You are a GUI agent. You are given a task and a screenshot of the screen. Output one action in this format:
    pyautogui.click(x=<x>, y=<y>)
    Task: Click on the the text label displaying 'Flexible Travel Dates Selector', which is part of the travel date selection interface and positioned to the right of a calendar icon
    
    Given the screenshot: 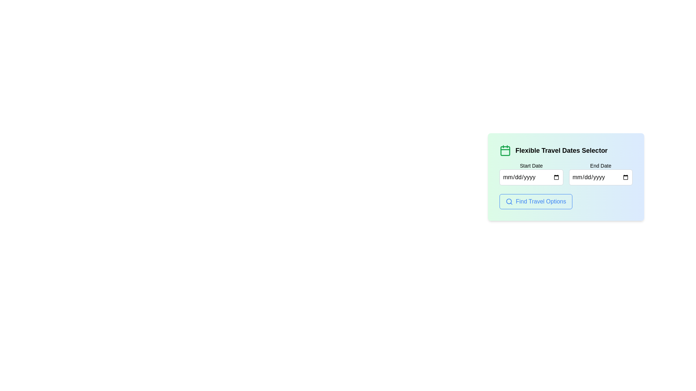 What is the action you would take?
    pyautogui.click(x=561, y=150)
    